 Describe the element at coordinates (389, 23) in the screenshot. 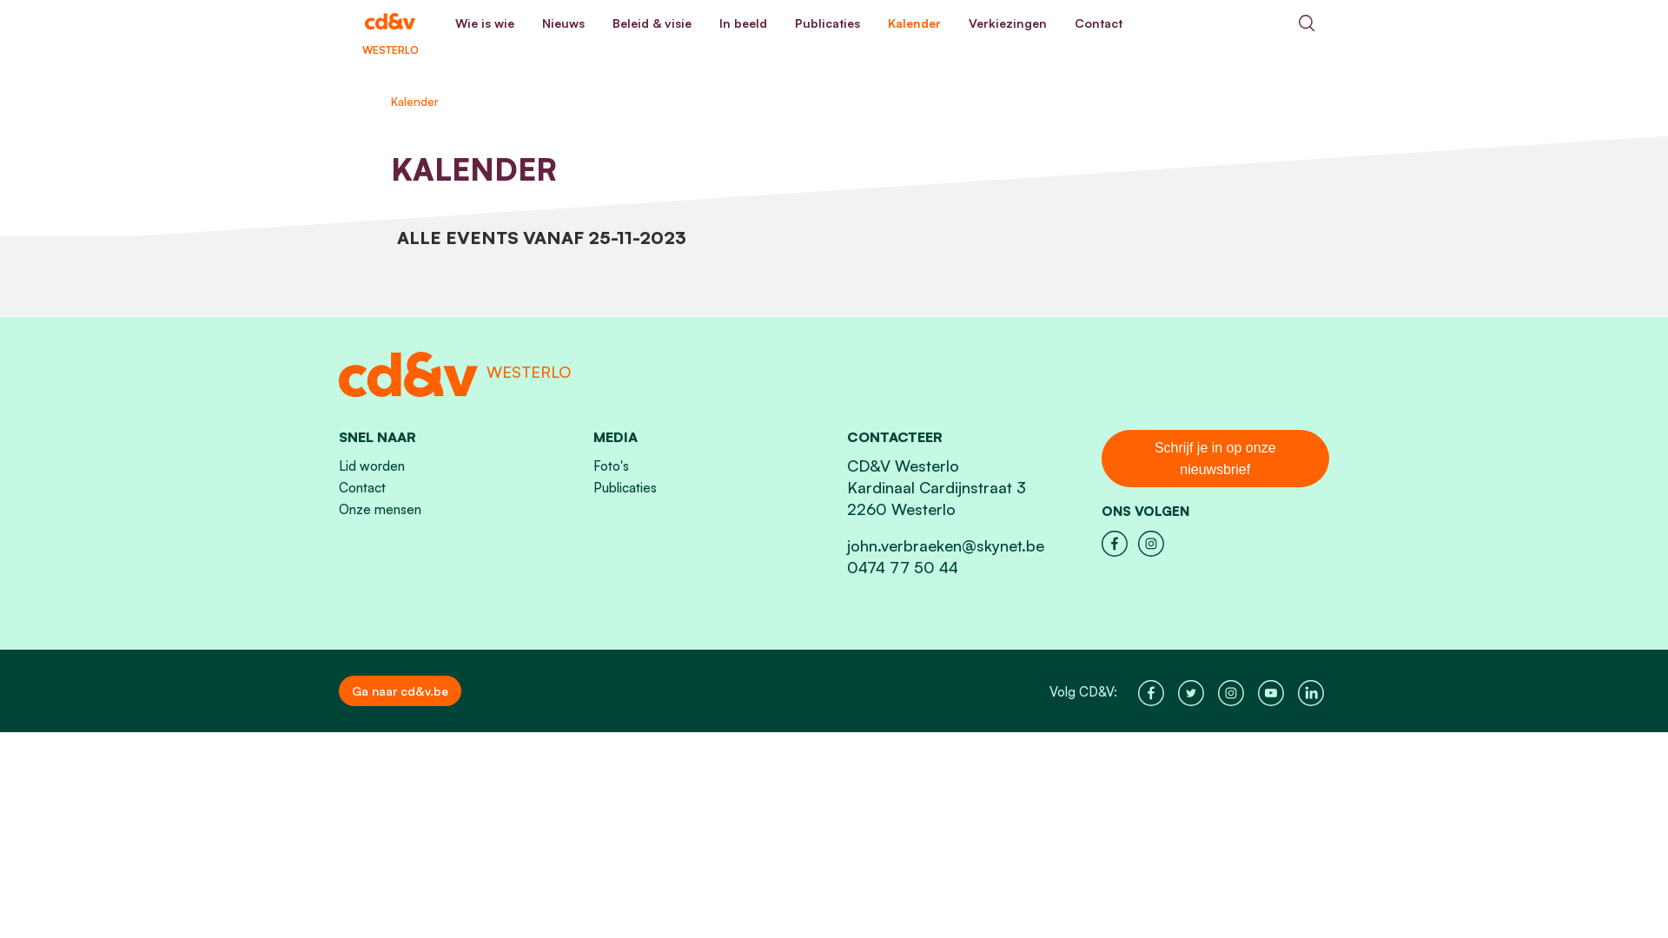

I see `'WESTERLO'` at that location.